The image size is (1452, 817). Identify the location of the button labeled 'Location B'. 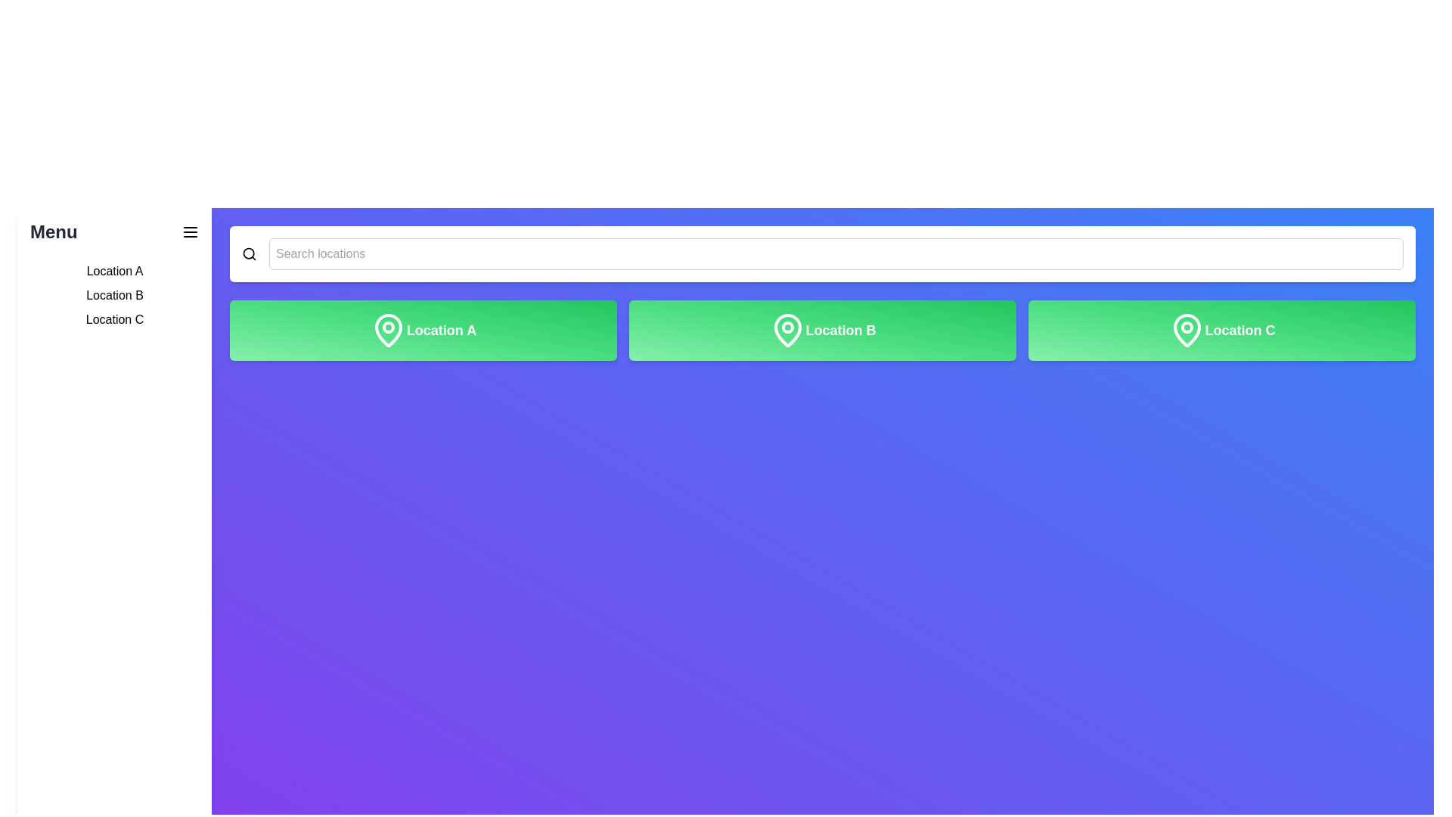
(822, 329).